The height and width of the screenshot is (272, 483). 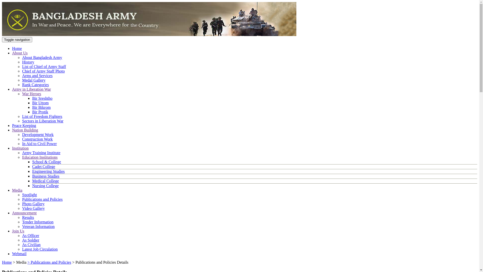 I want to click on 'As Officer', so click(x=22, y=235).